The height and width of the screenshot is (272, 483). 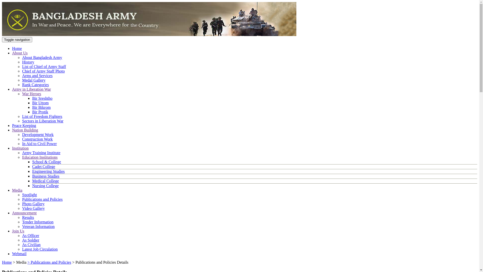 I want to click on 'As Officer', so click(x=22, y=235).